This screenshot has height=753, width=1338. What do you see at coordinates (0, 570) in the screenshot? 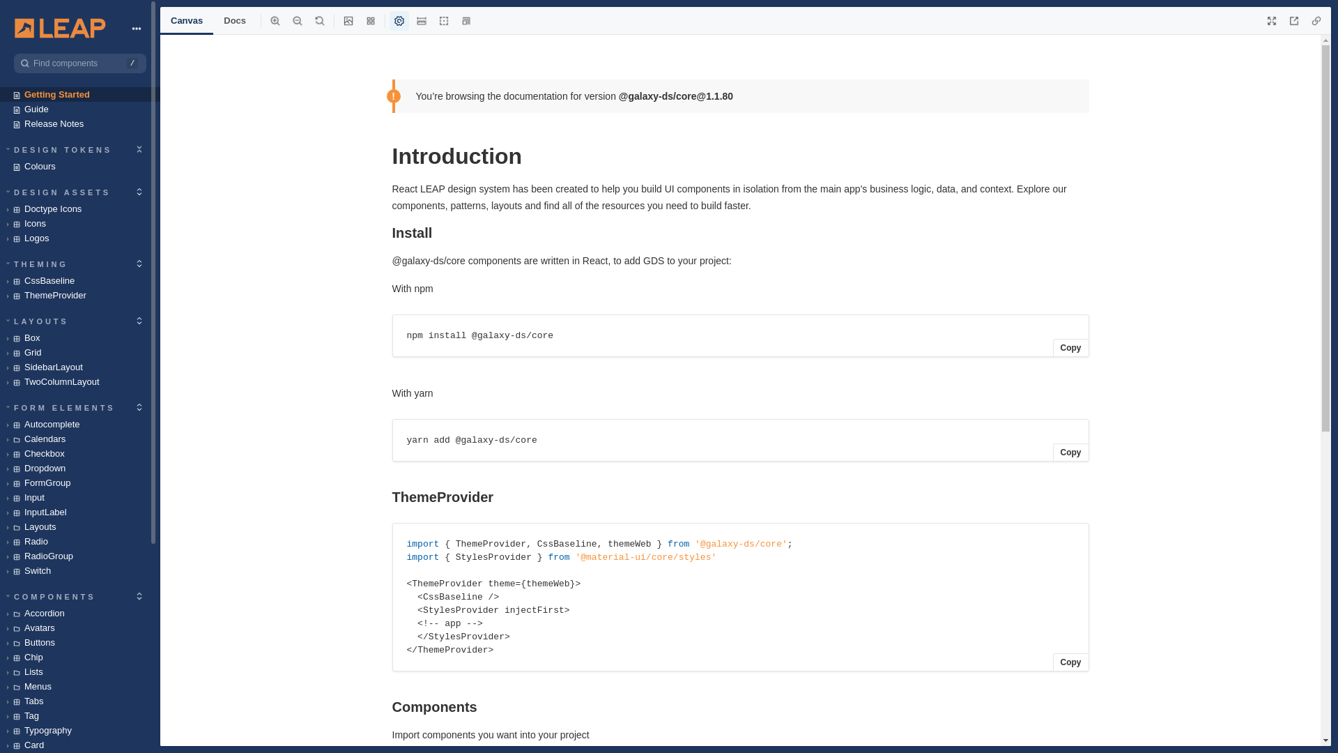
I see `'Switch'` at bounding box center [0, 570].